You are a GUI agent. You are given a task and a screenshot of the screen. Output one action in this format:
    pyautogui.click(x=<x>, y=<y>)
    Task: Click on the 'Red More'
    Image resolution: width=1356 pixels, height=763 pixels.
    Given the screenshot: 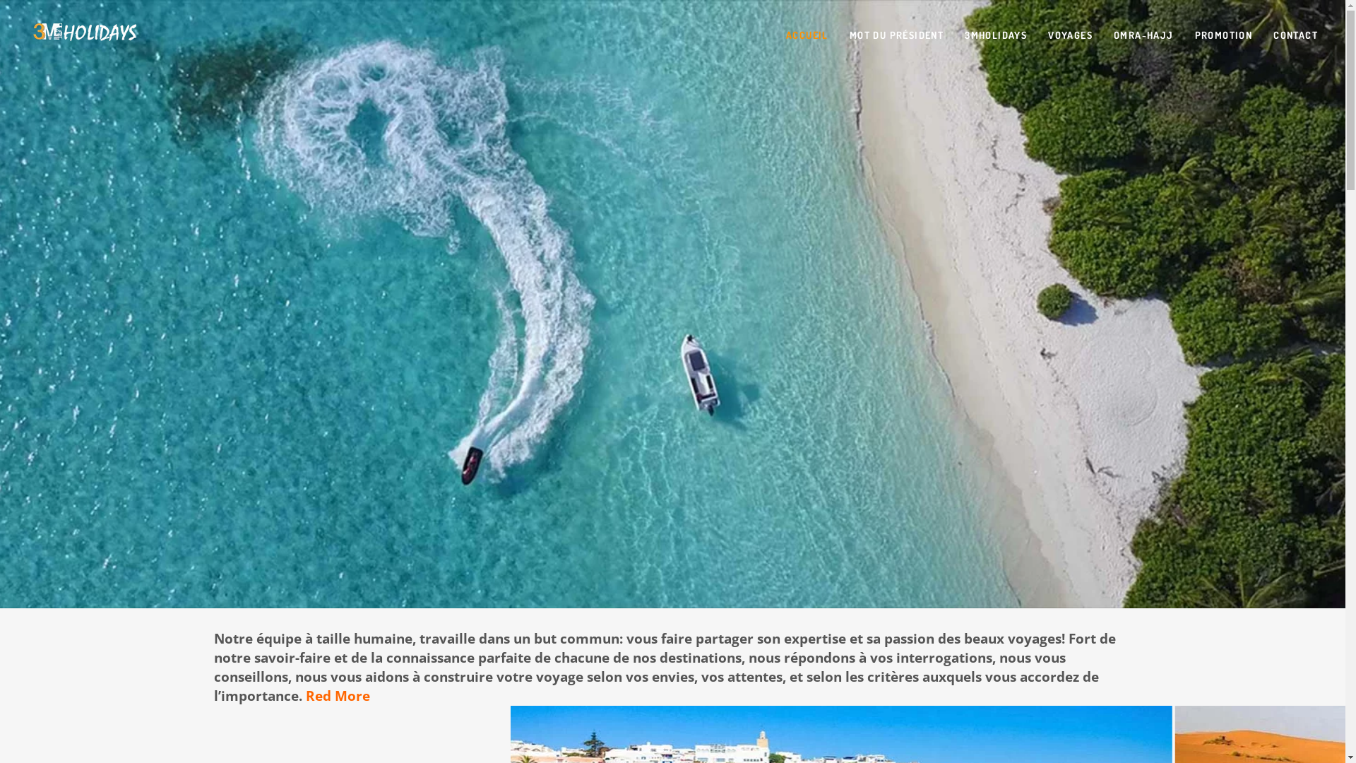 What is the action you would take?
    pyautogui.click(x=335, y=694)
    